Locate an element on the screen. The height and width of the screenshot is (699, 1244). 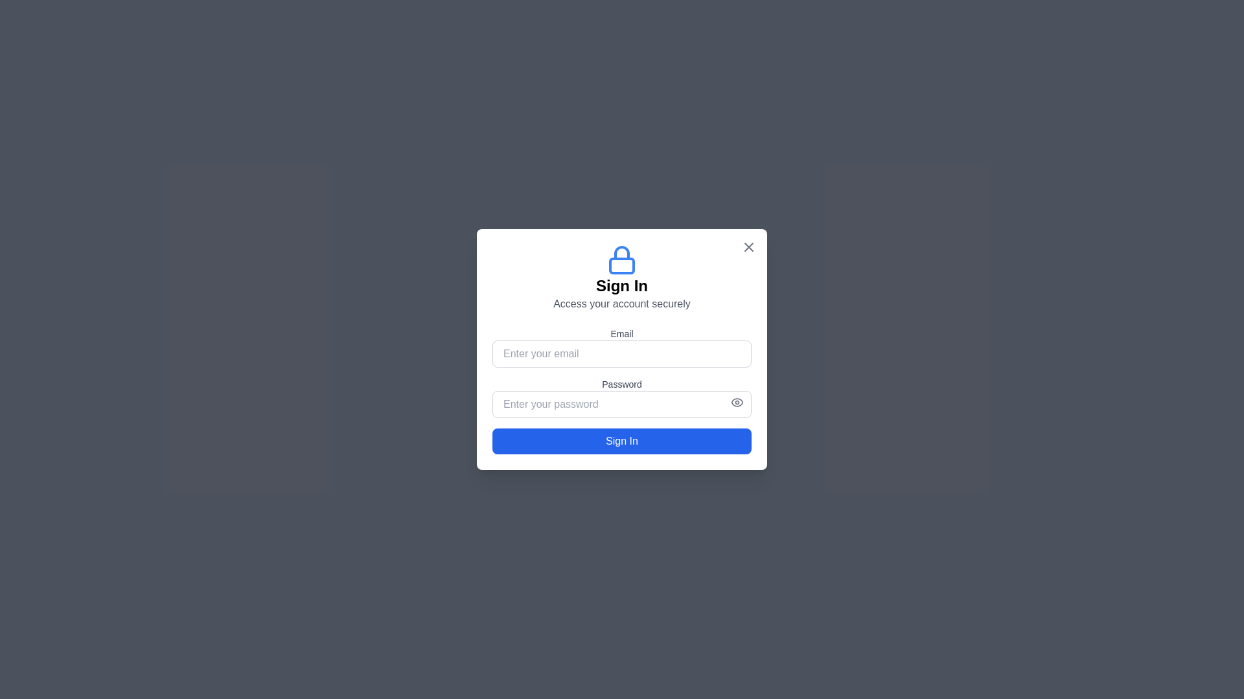
the eye icon in the password field to toggle password visibility is located at coordinates (737, 401).